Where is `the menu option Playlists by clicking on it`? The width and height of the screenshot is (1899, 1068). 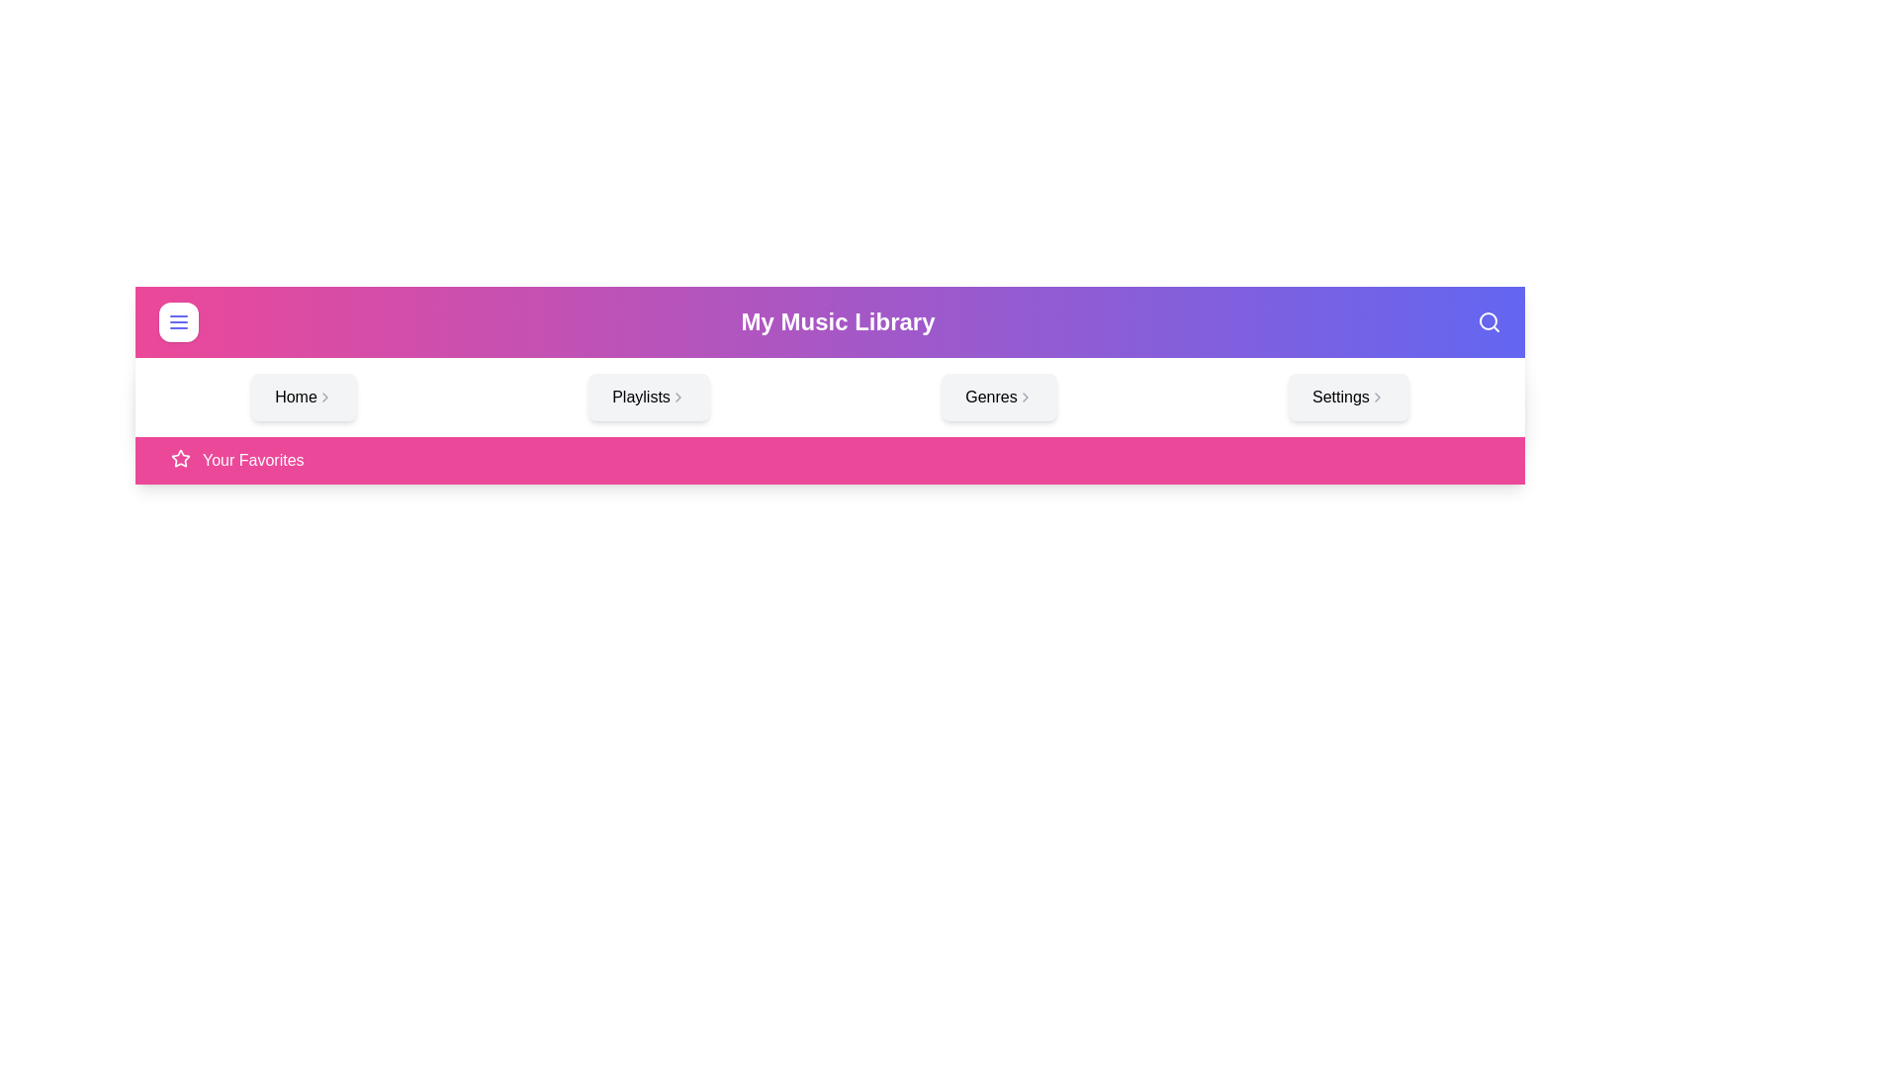
the menu option Playlists by clicking on it is located at coordinates (649, 397).